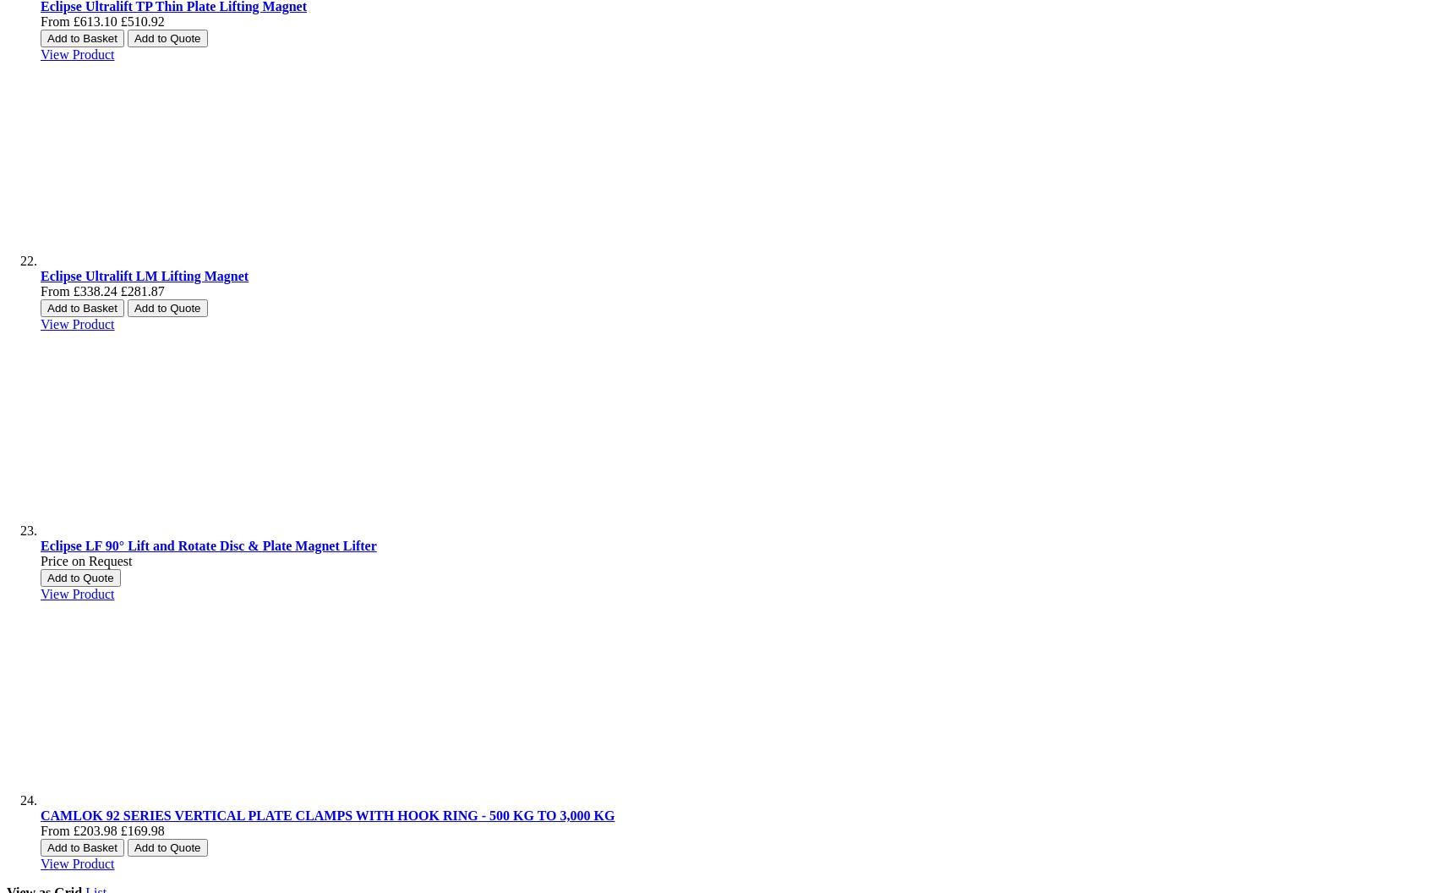  I want to click on 'Price on Request', so click(86, 561).